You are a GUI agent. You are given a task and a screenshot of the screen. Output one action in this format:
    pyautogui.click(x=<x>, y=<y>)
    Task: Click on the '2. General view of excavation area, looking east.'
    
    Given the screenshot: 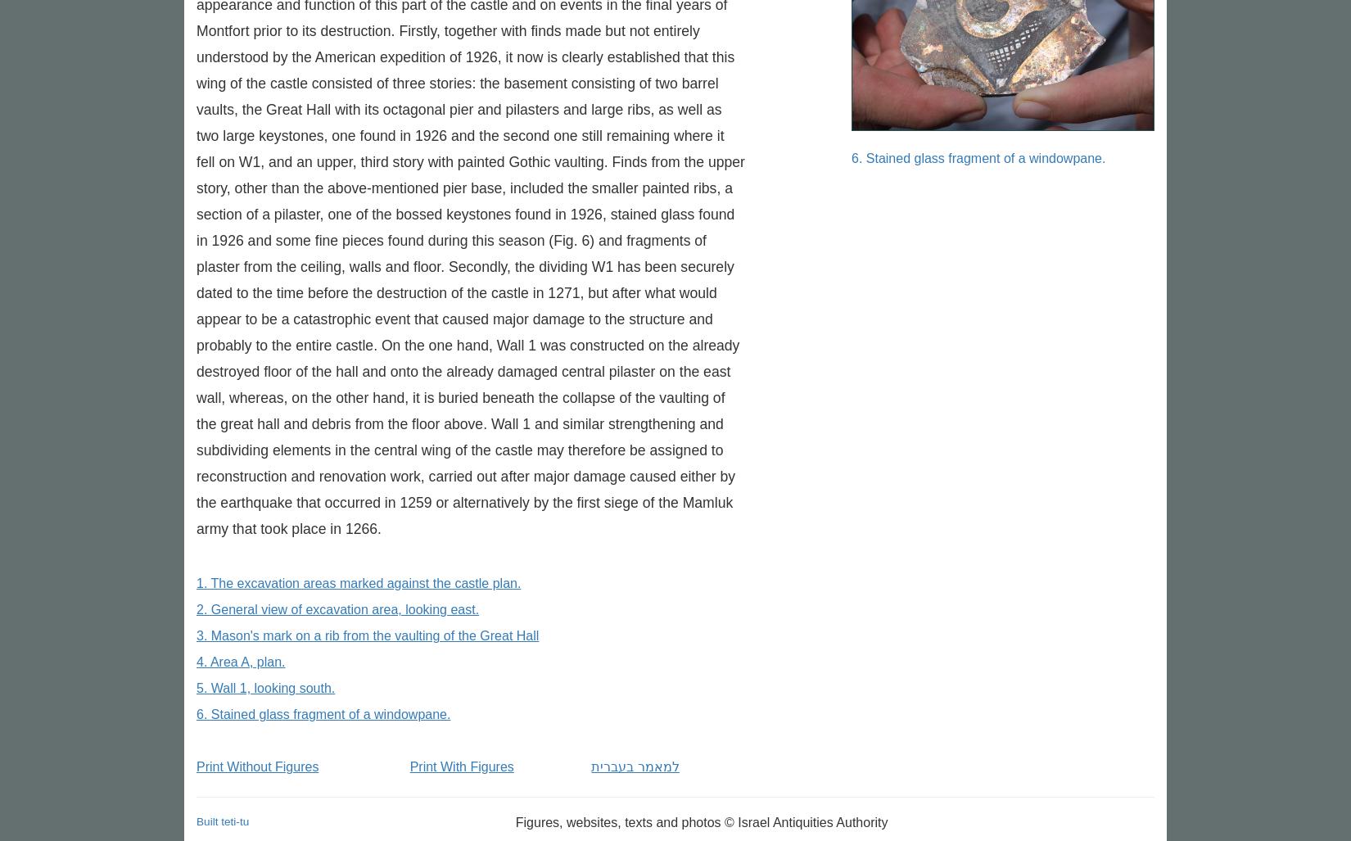 What is the action you would take?
    pyautogui.click(x=337, y=608)
    